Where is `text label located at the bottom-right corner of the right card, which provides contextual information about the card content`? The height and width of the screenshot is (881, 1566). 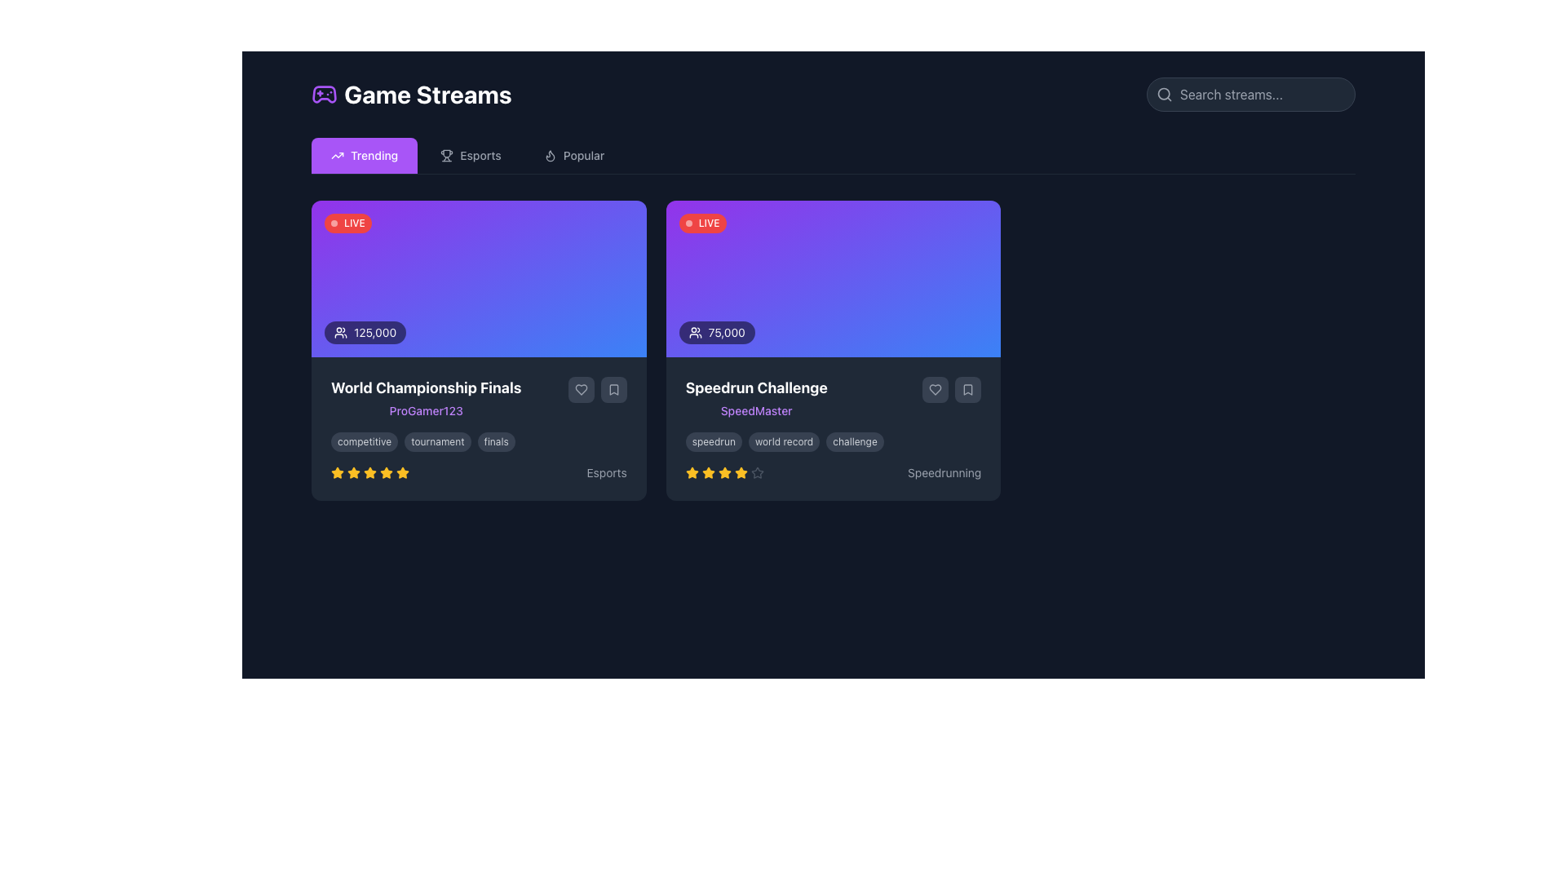 text label located at the bottom-right corner of the right card, which provides contextual information about the card content is located at coordinates (944, 472).